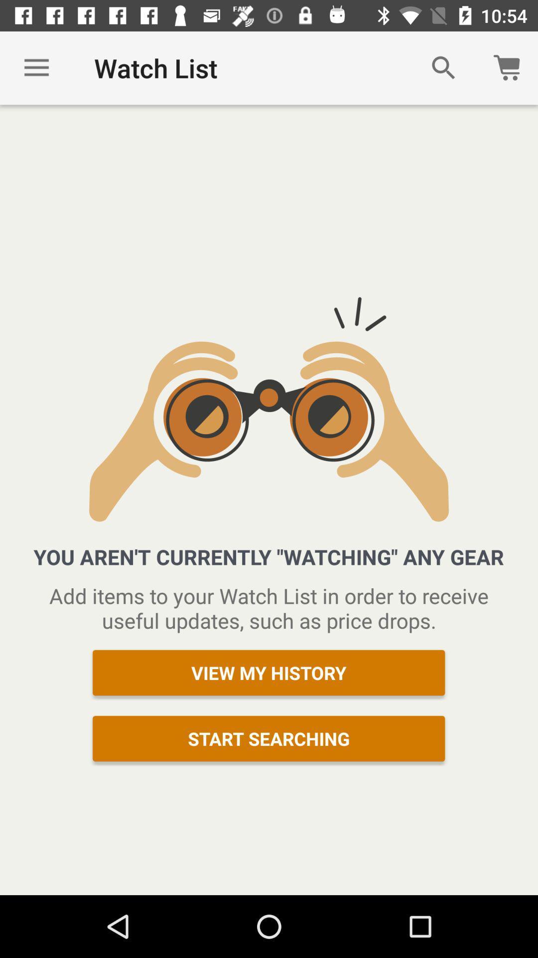  I want to click on icon next to watch list, so click(443, 67).